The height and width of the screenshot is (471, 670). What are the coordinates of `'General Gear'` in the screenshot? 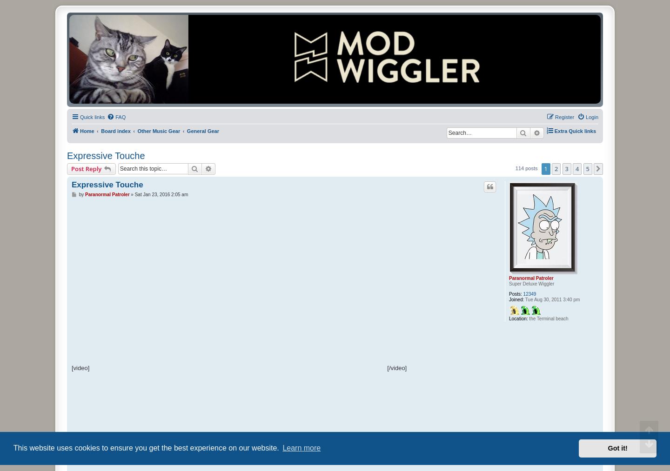 It's located at (202, 131).